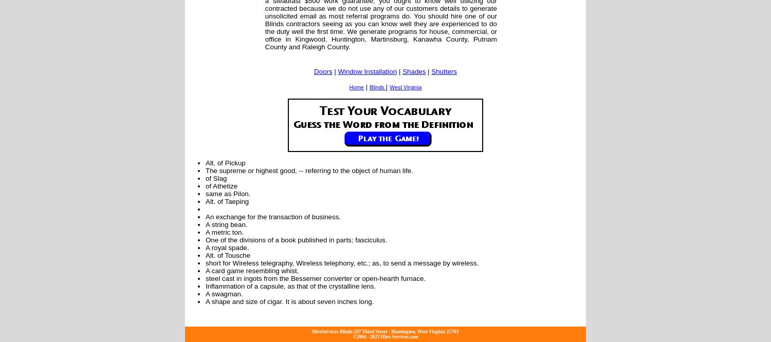  What do you see at coordinates (206, 262) in the screenshot?
I see `'short for Wireless telegraphy, Wireless telephony, etc.; as, to send a message by wireless.'` at bounding box center [206, 262].